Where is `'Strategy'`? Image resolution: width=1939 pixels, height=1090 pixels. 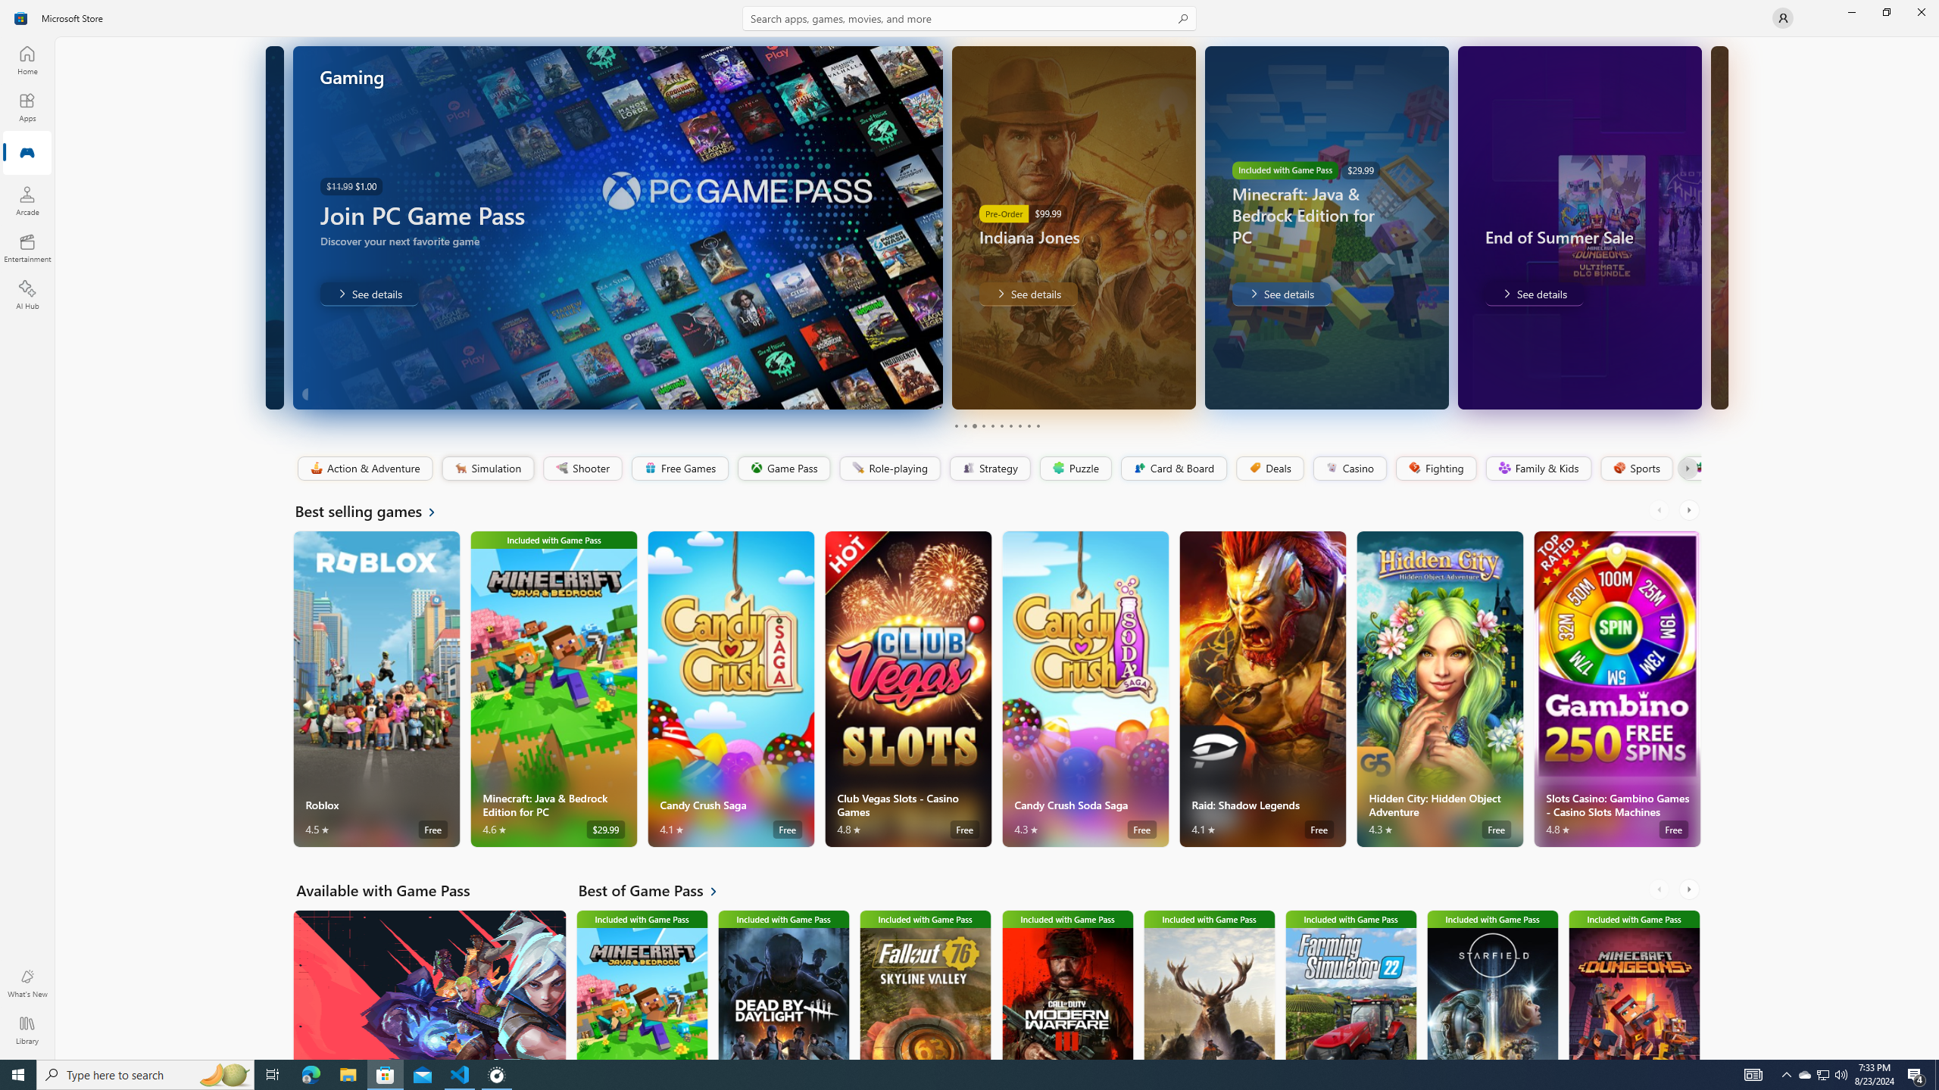 'Strategy' is located at coordinates (988, 468).